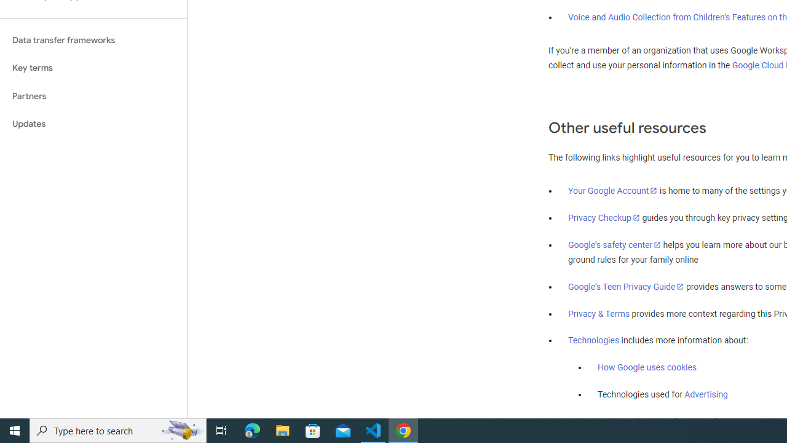  What do you see at coordinates (706, 394) in the screenshot?
I see `'Advertising'` at bounding box center [706, 394].